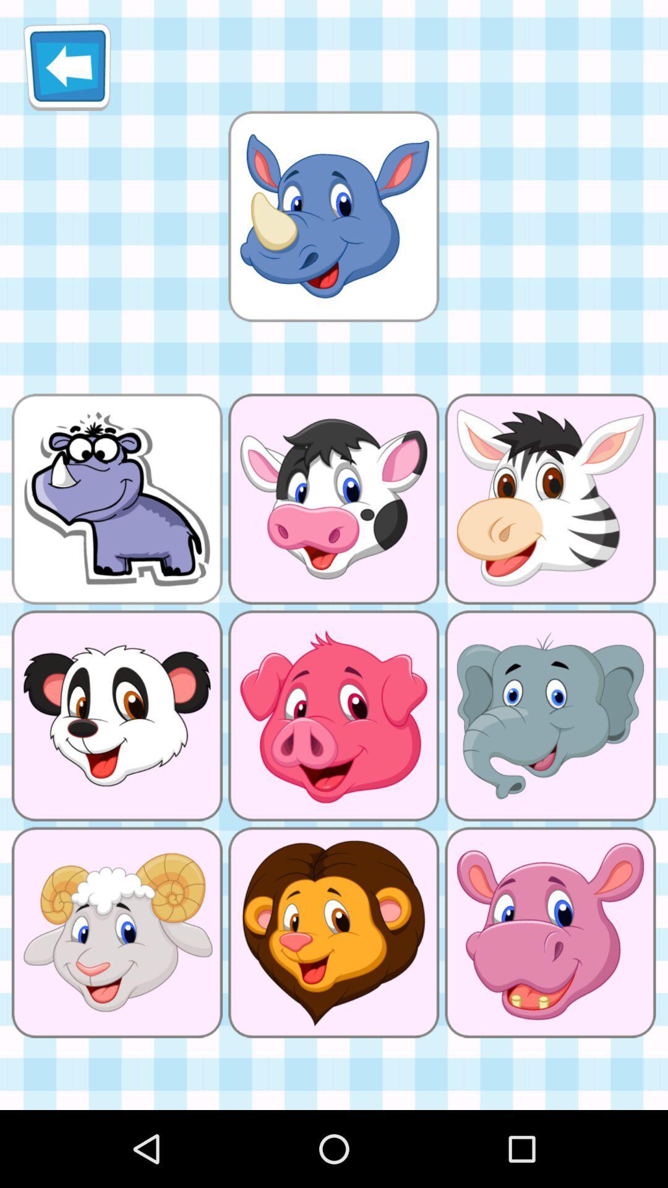 Image resolution: width=668 pixels, height=1188 pixels. What do you see at coordinates (333, 216) in the screenshot?
I see `the icon at the top` at bounding box center [333, 216].